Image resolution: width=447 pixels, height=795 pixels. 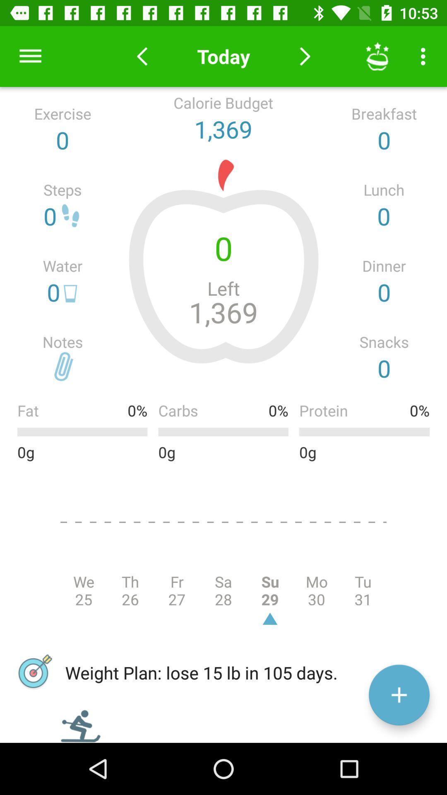 What do you see at coordinates (142, 56) in the screenshot?
I see `previous pattern` at bounding box center [142, 56].